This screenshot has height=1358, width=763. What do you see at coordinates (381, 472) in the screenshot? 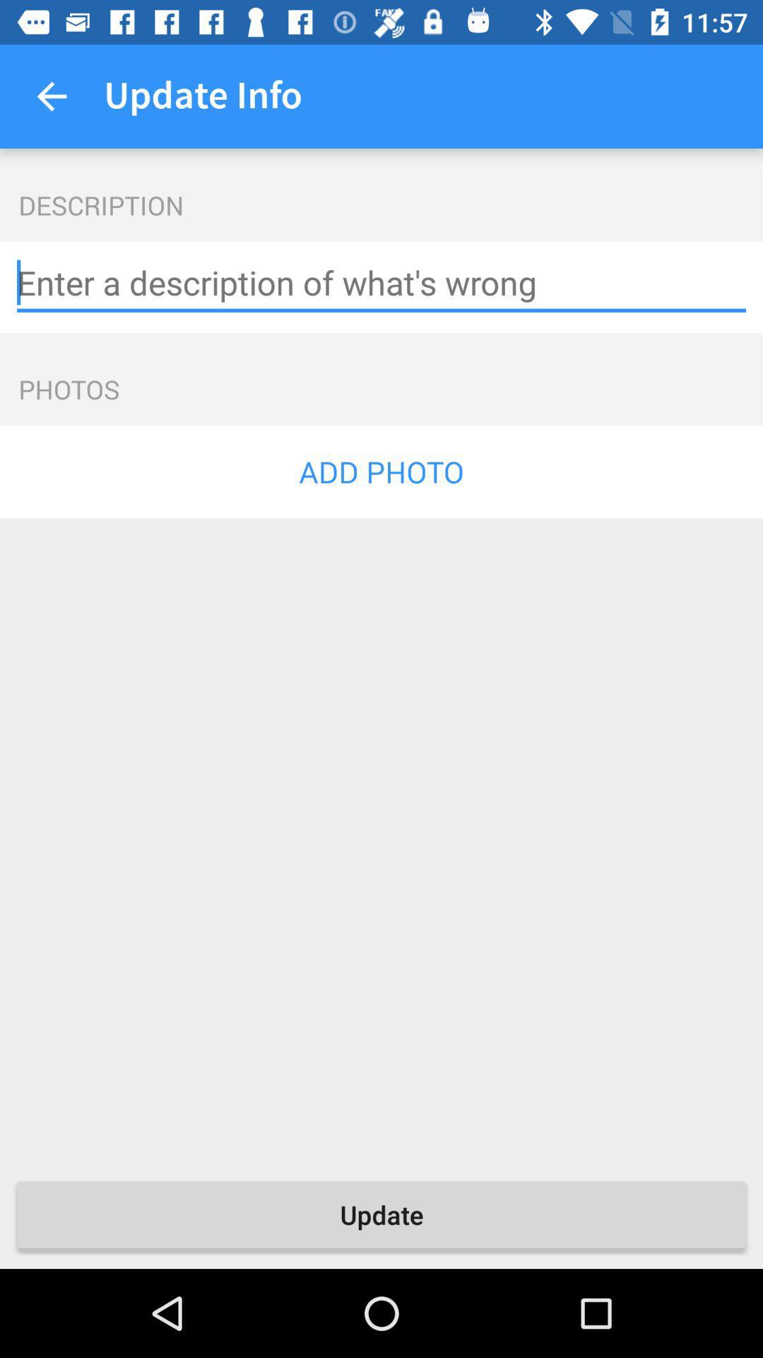
I see `the add photo icon` at bounding box center [381, 472].